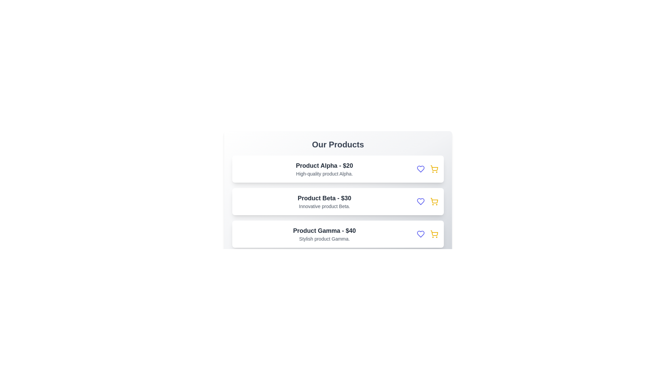 The width and height of the screenshot is (651, 366). I want to click on the add-to-cart button for Product Beta, so click(434, 201).